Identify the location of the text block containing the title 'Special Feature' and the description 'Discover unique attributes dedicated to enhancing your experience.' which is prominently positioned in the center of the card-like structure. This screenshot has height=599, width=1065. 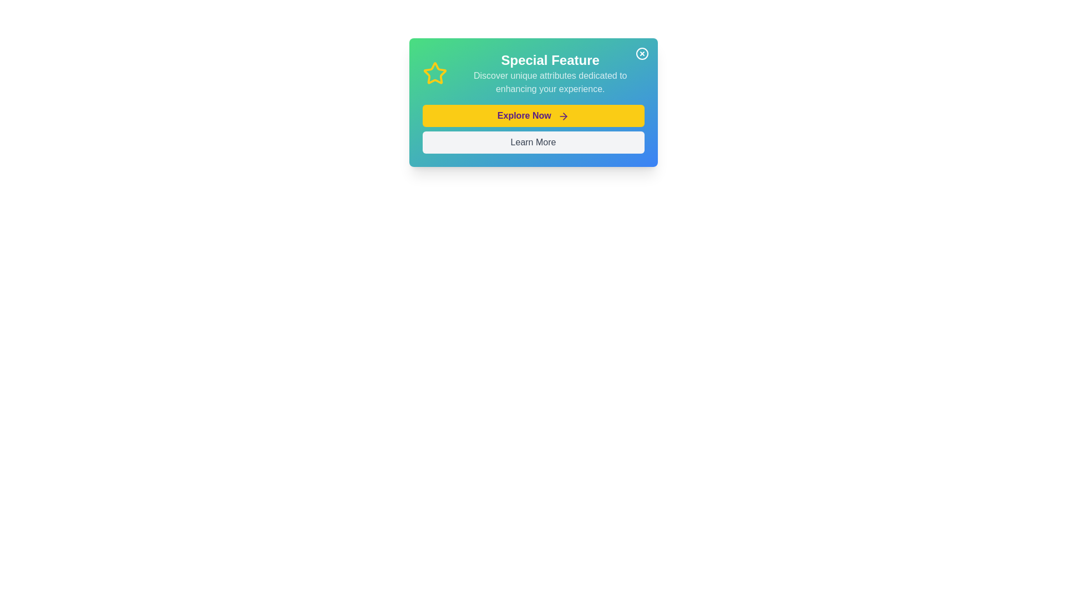
(550, 73).